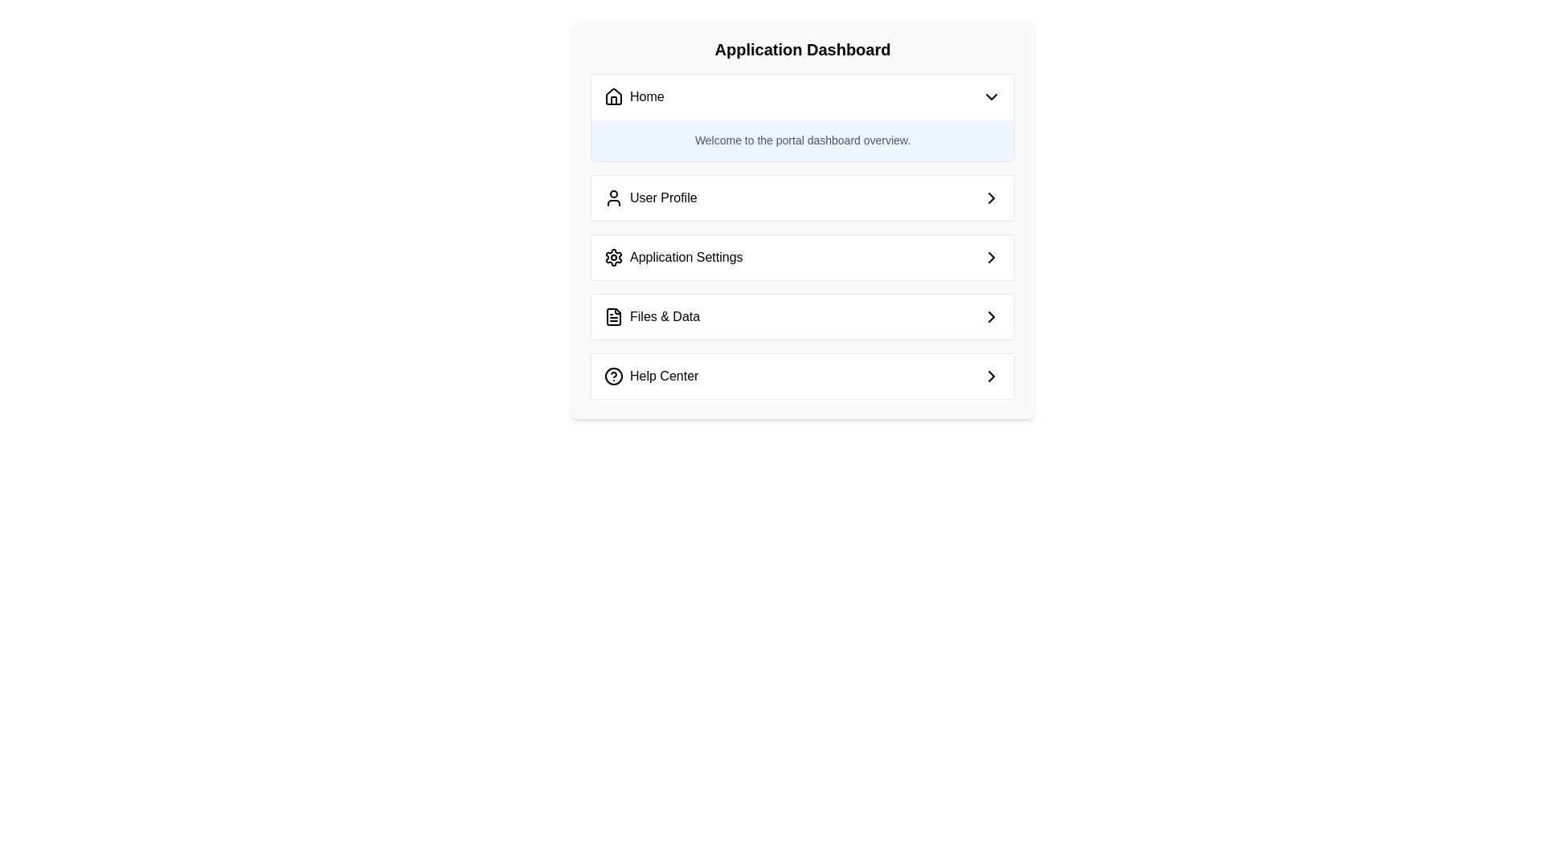  What do you see at coordinates (990, 316) in the screenshot?
I see `the chevron icon button located on the right side of the 'Files & Data' list item in the 'Application Dashboard'` at bounding box center [990, 316].